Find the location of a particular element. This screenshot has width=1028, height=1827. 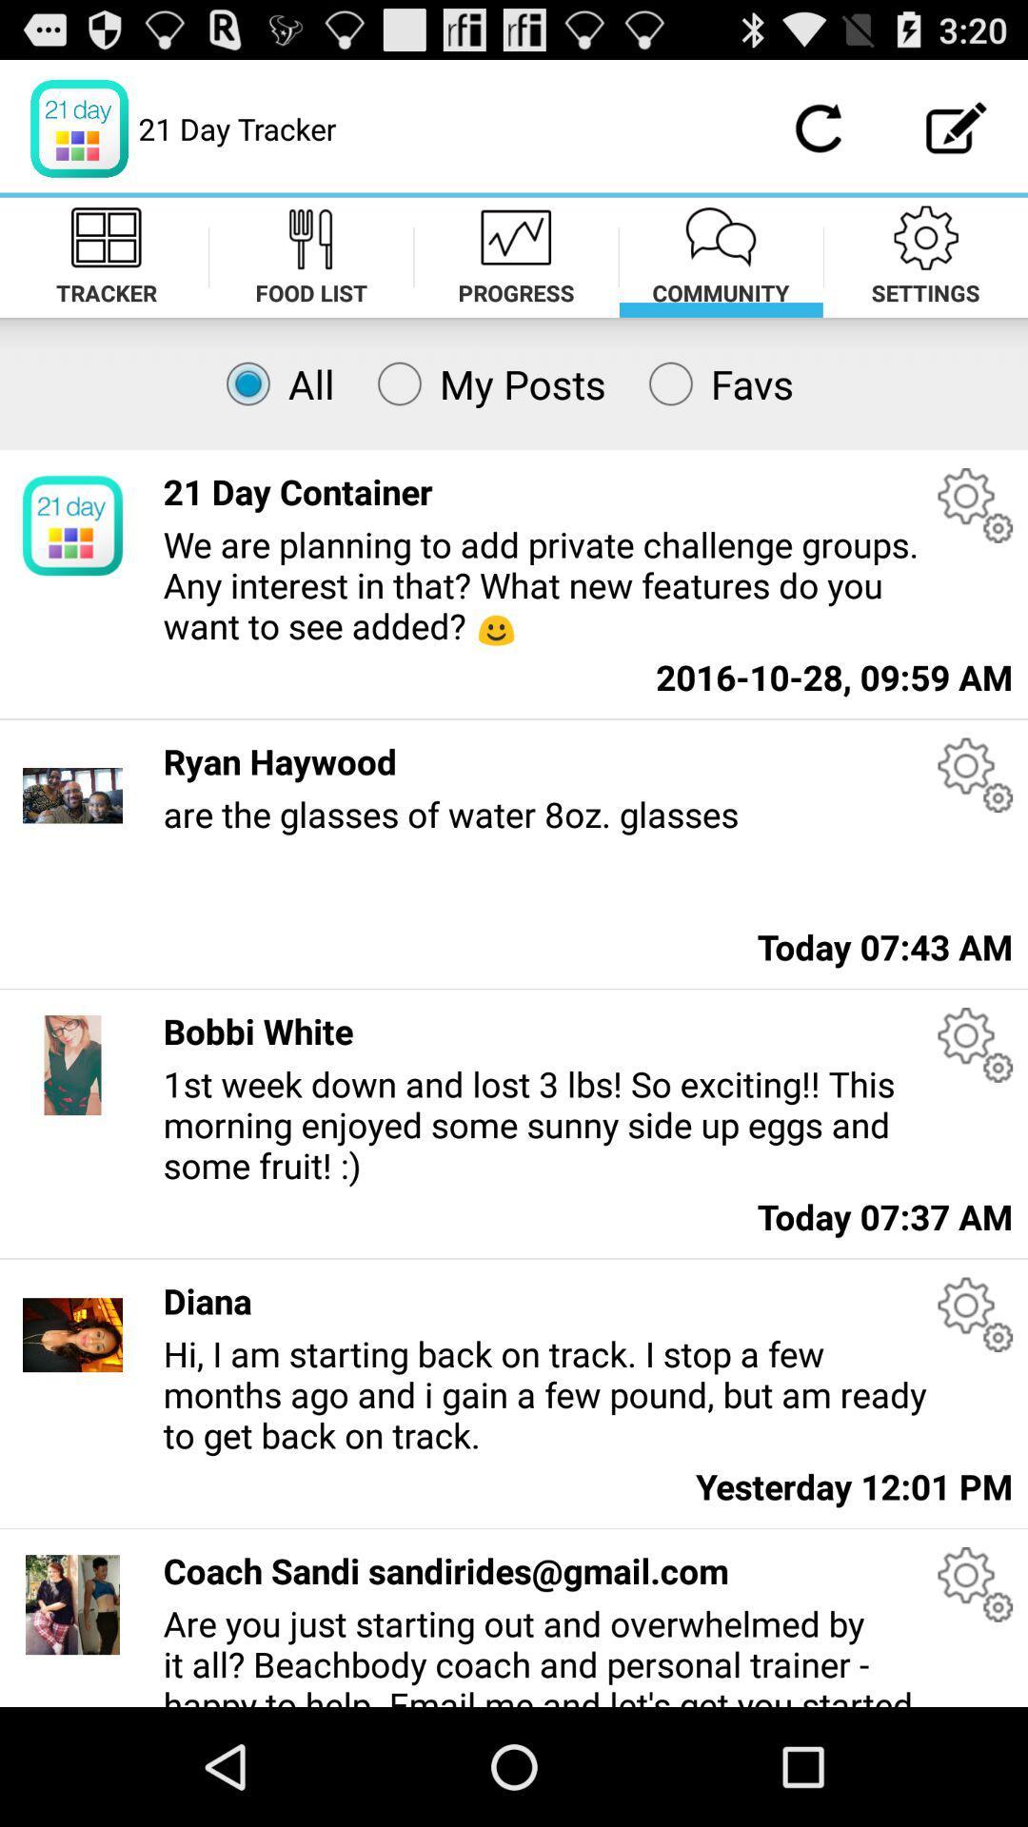

open settings for the users post is located at coordinates (975, 1044).